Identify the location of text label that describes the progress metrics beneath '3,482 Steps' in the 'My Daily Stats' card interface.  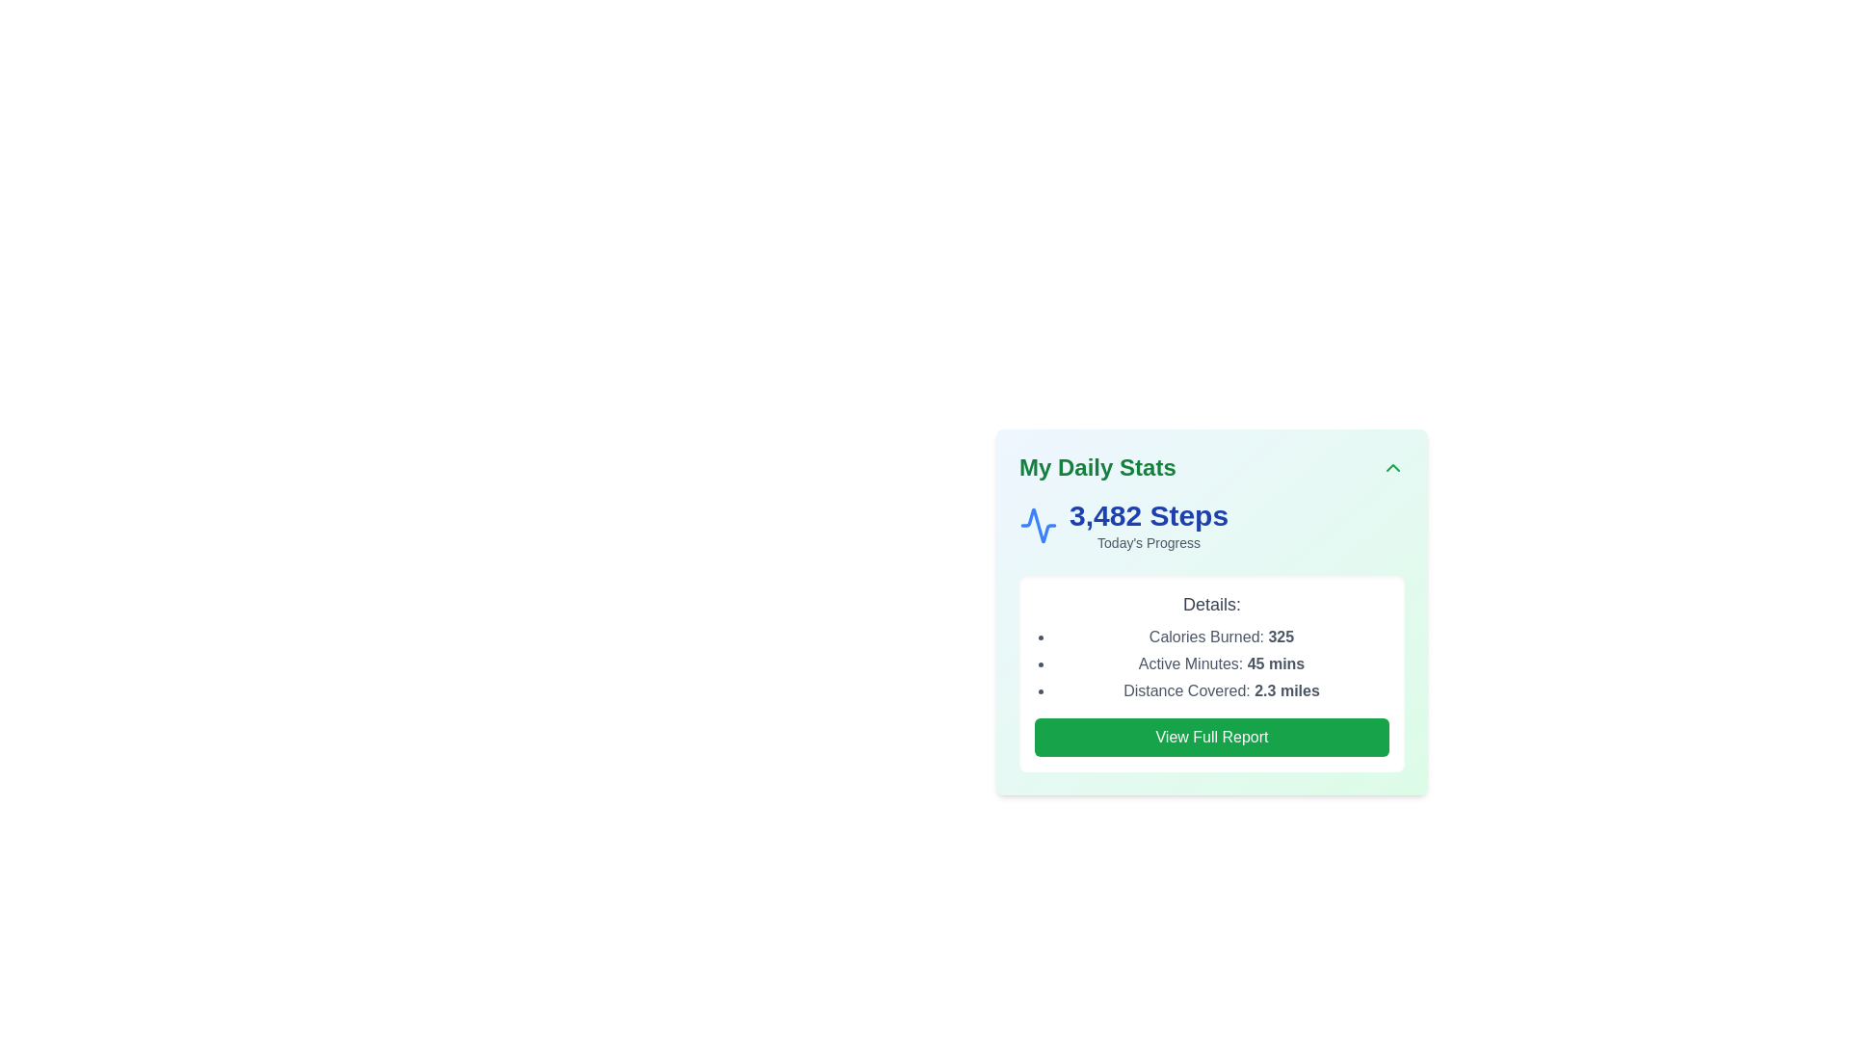
(1149, 542).